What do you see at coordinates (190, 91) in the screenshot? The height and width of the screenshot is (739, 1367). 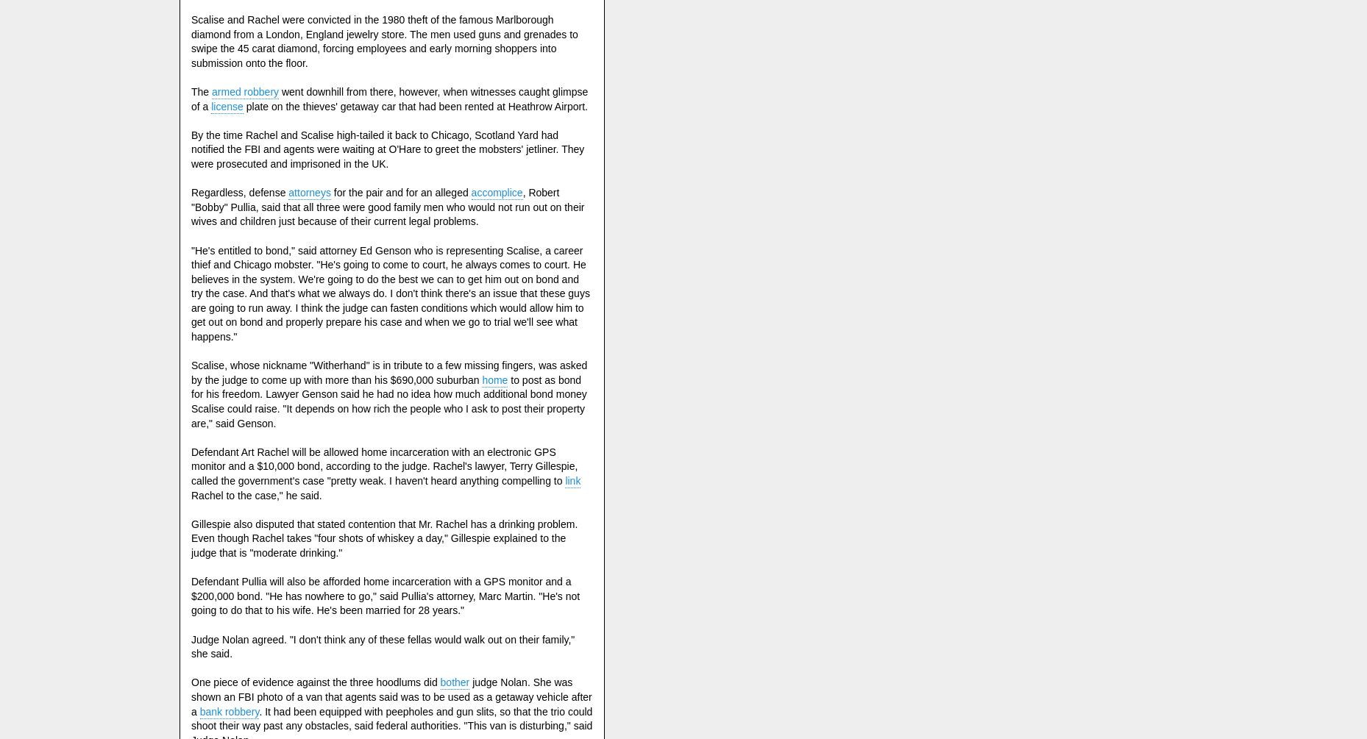 I see `'The'` at bounding box center [190, 91].